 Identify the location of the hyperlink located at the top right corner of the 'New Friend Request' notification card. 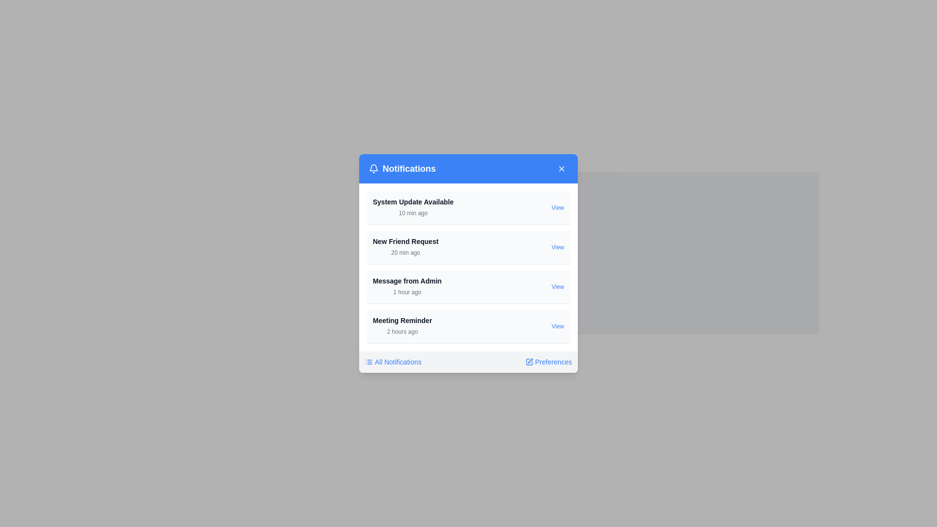
(558, 246).